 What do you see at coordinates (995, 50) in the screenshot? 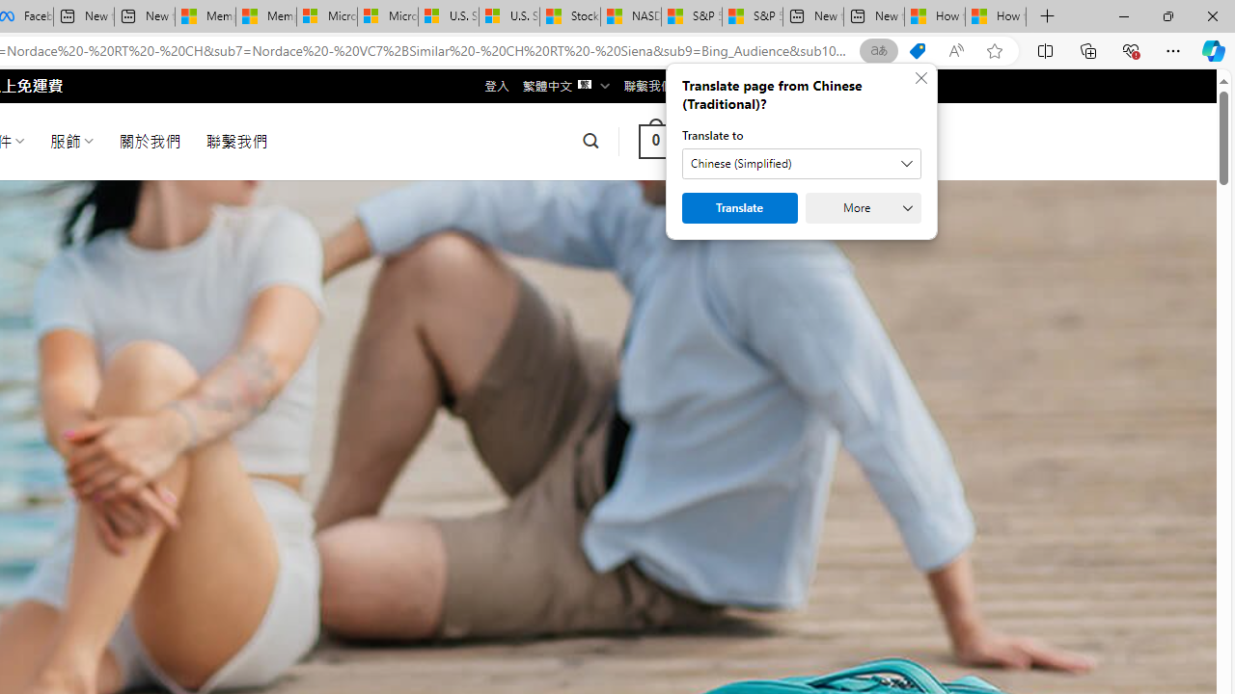
I see `'Add this page to favorites (Ctrl+D)'` at bounding box center [995, 50].